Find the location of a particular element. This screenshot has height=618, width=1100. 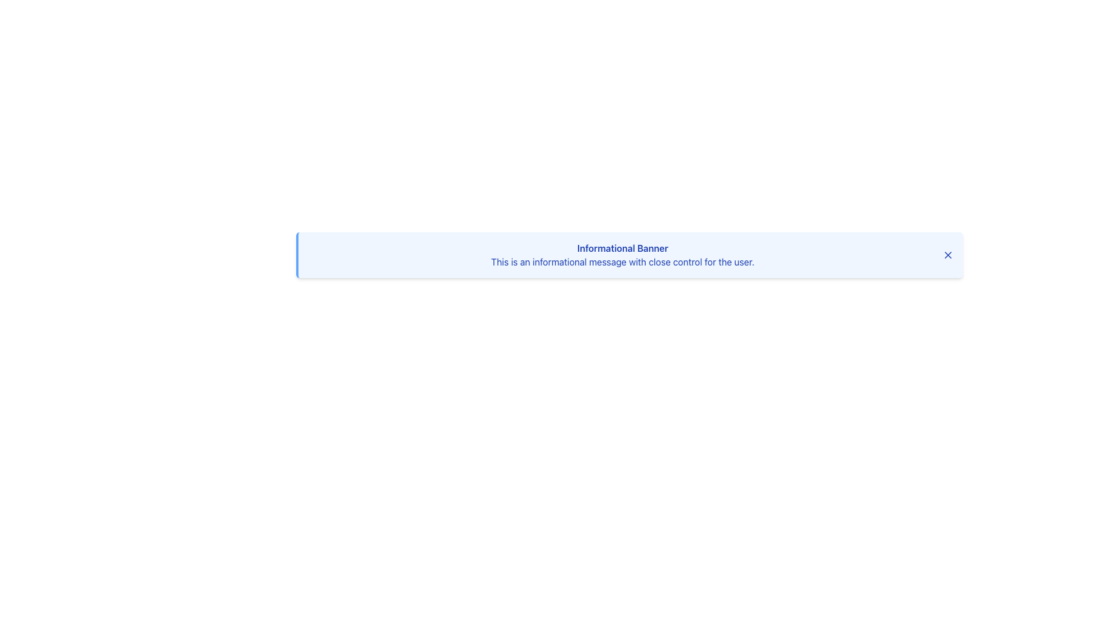

the close button represented by a blue 'X' icon located in the top-right corner of the informational banner is located at coordinates (948, 255).